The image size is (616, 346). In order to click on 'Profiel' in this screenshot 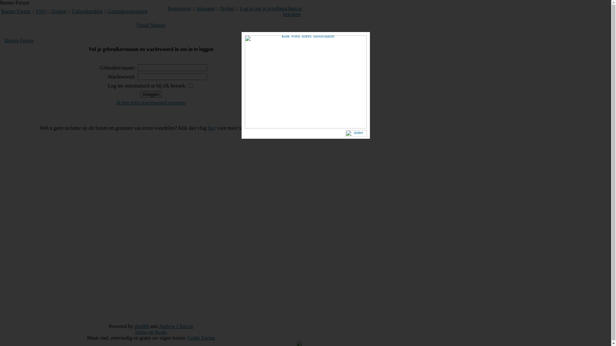, I will do `click(220, 8)`.